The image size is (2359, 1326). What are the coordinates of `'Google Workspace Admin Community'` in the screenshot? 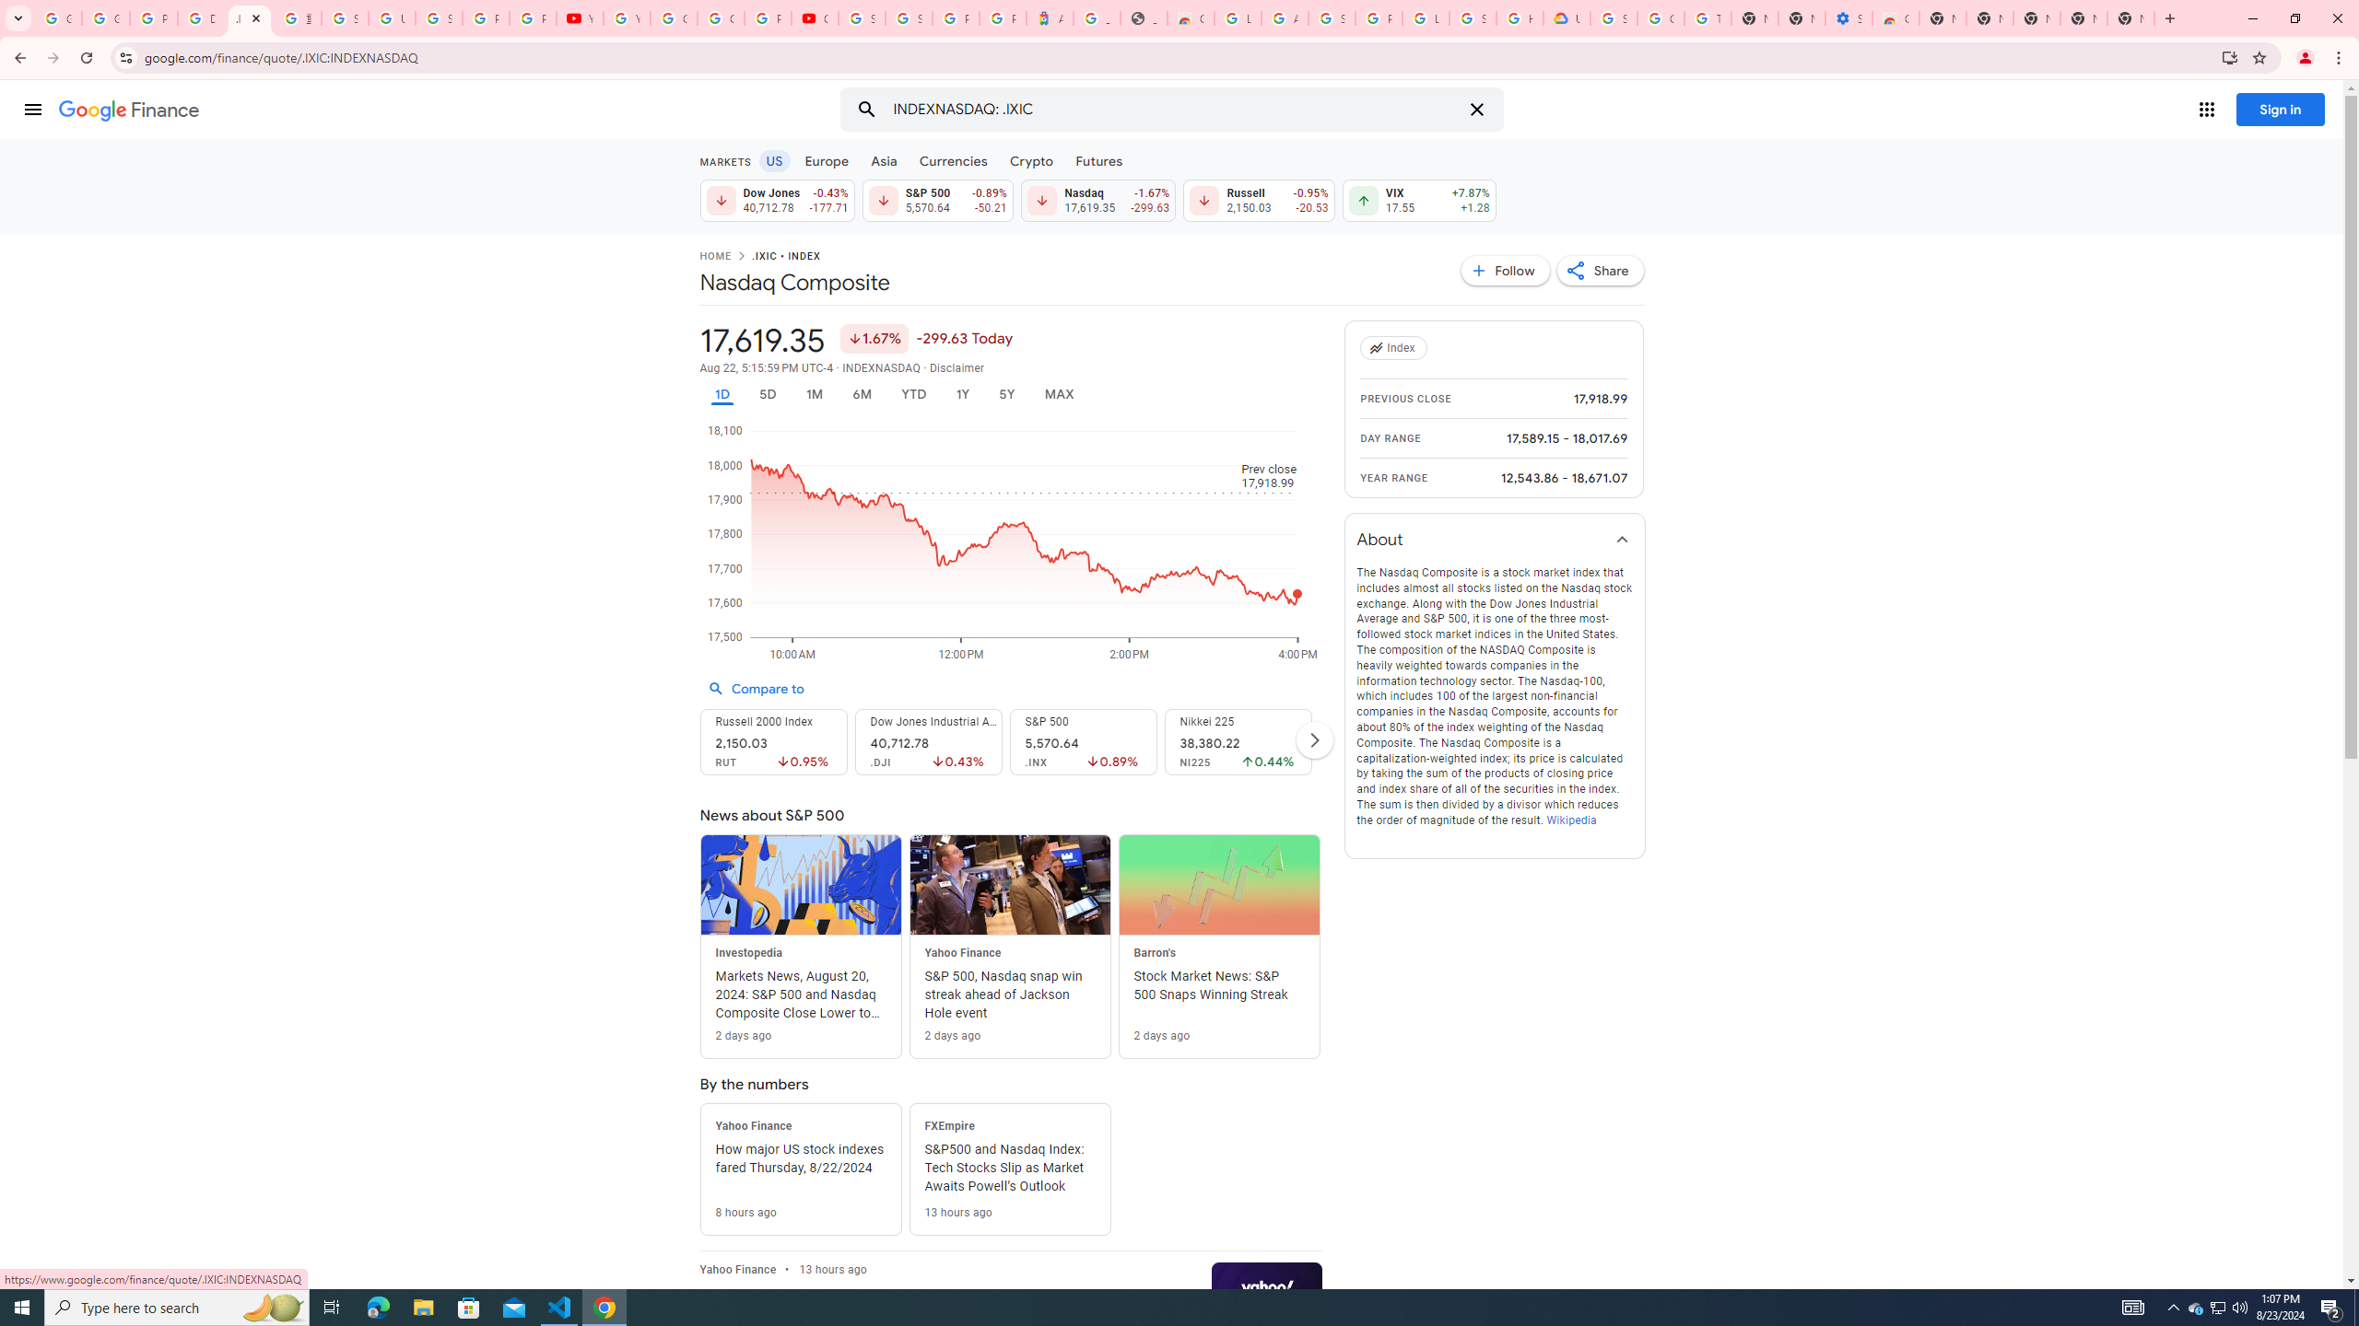 It's located at (56, 17).